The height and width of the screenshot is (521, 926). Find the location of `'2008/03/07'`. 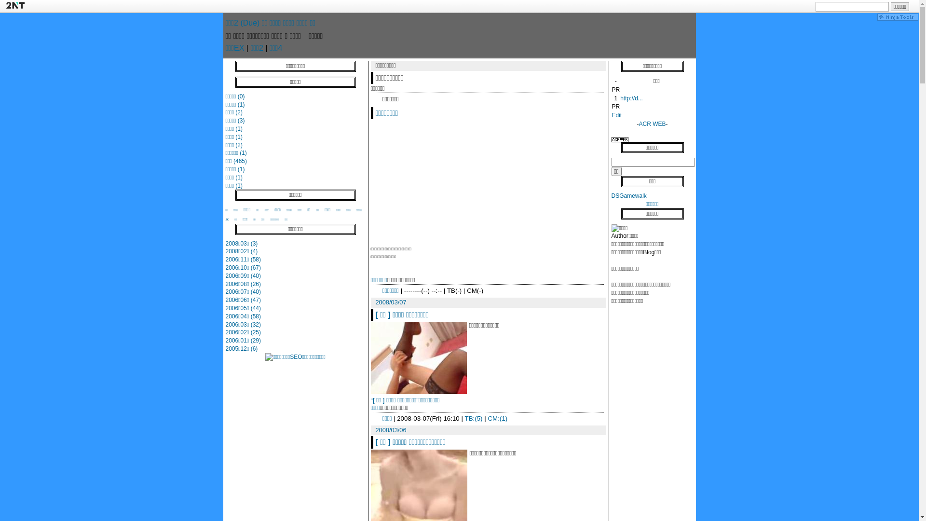

'2008/03/07' is located at coordinates (374, 302).